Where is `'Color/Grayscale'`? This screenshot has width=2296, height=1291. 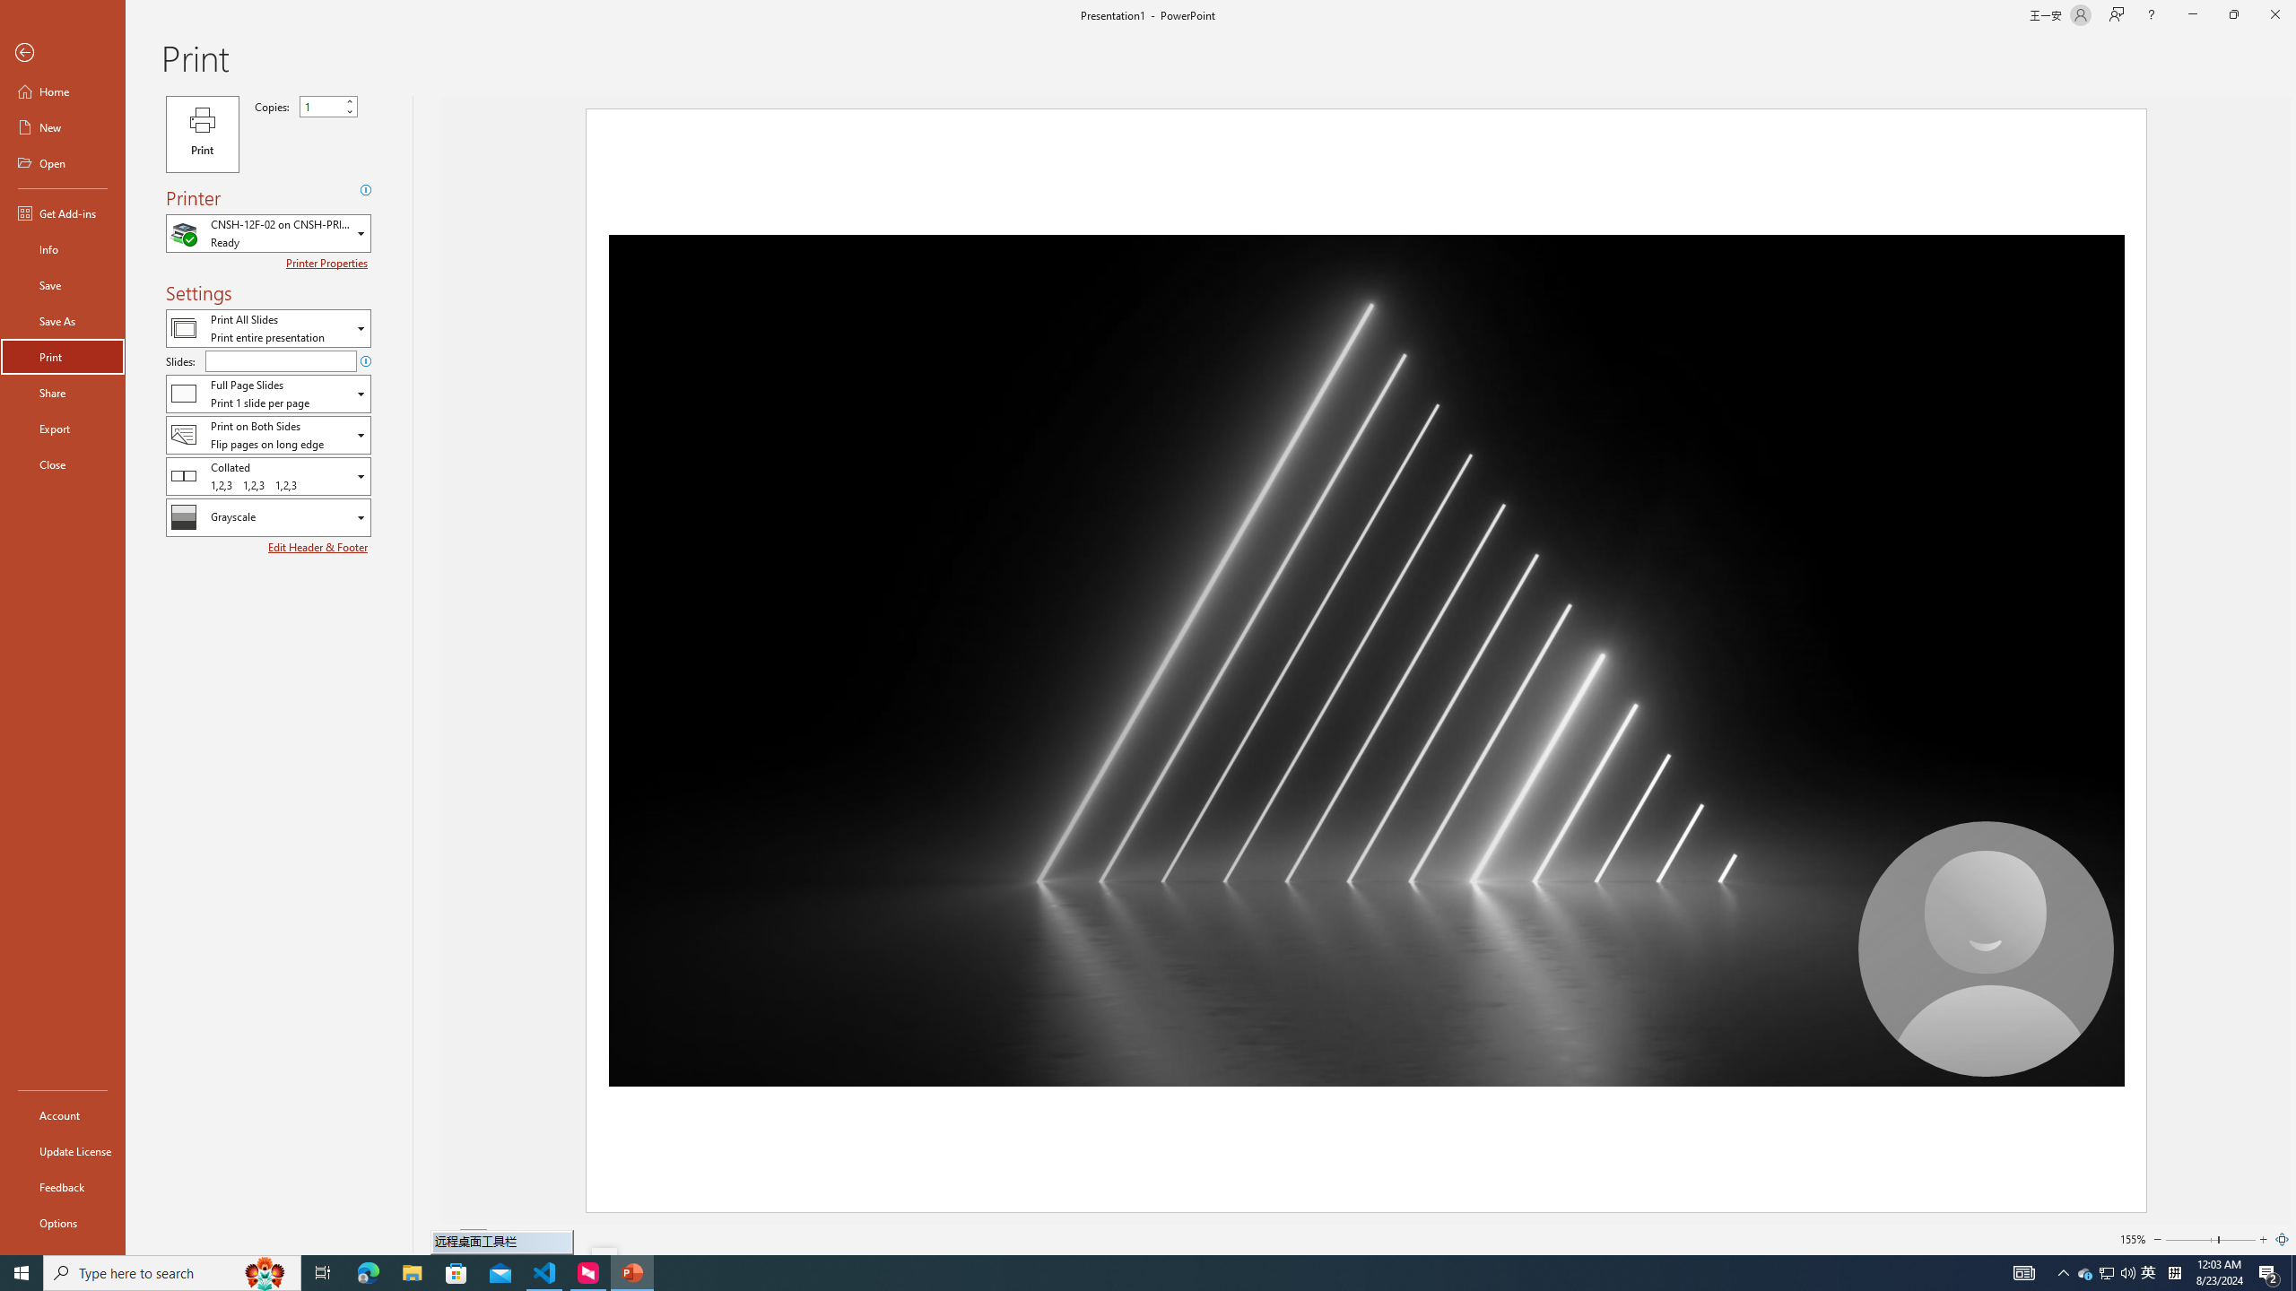
'Color/Grayscale' is located at coordinates (267, 517).